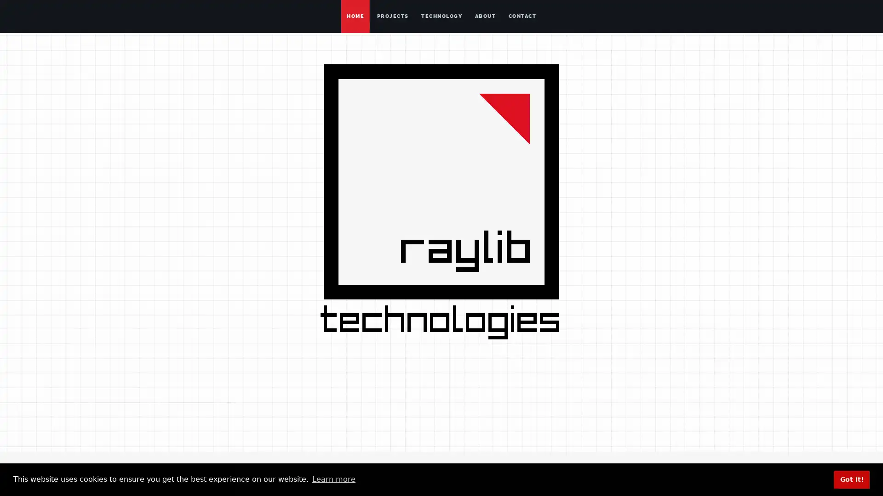 The image size is (883, 496). Describe the element at coordinates (333, 479) in the screenshot. I see `learn more about cookies` at that location.